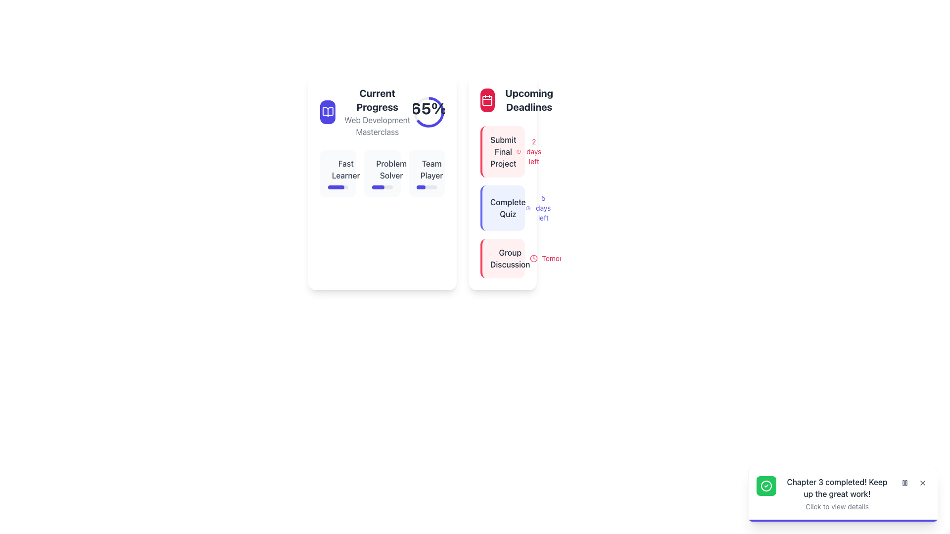 This screenshot has height=534, width=950. Describe the element at coordinates (529, 152) in the screenshot. I see `text label that displays '2 days left' in red font, located in the top-right section of the 'Upcoming Deadlines' column, next to the 'Submit Final Project' label` at that location.